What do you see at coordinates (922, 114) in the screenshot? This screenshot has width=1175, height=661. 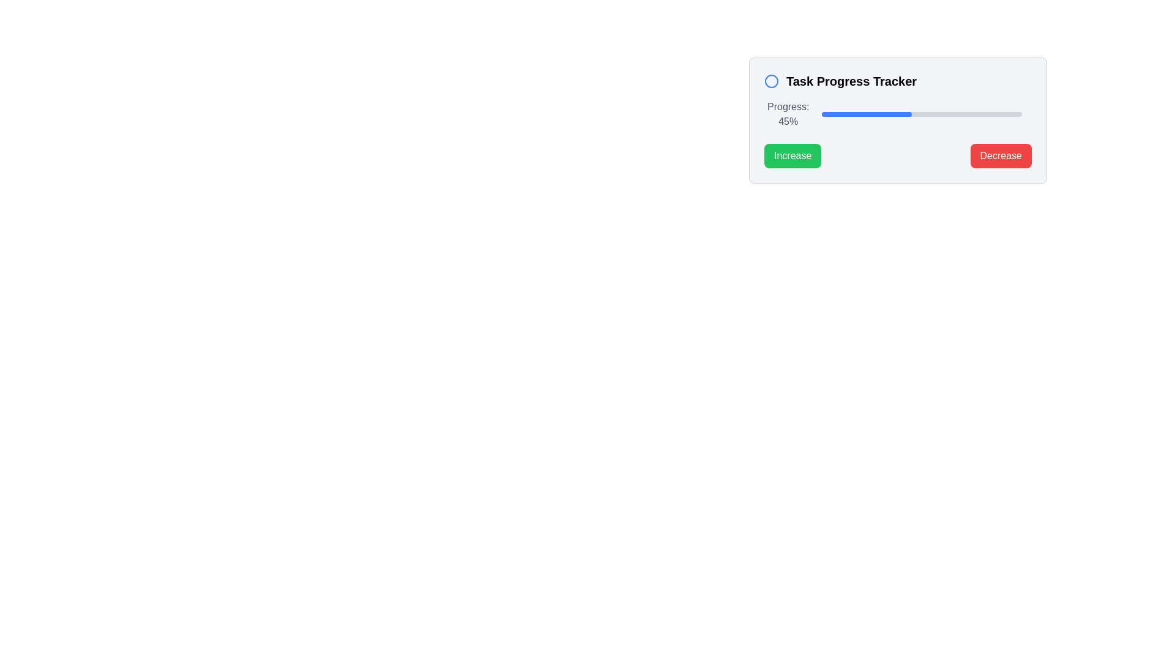 I see `the progress bar located in the card titled 'Task Progress Tracker' that indicates 45% completion, situated between the labels 'Progress: 45%' and the buttons 'Increase' and 'Decrease'` at bounding box center [922, 114].